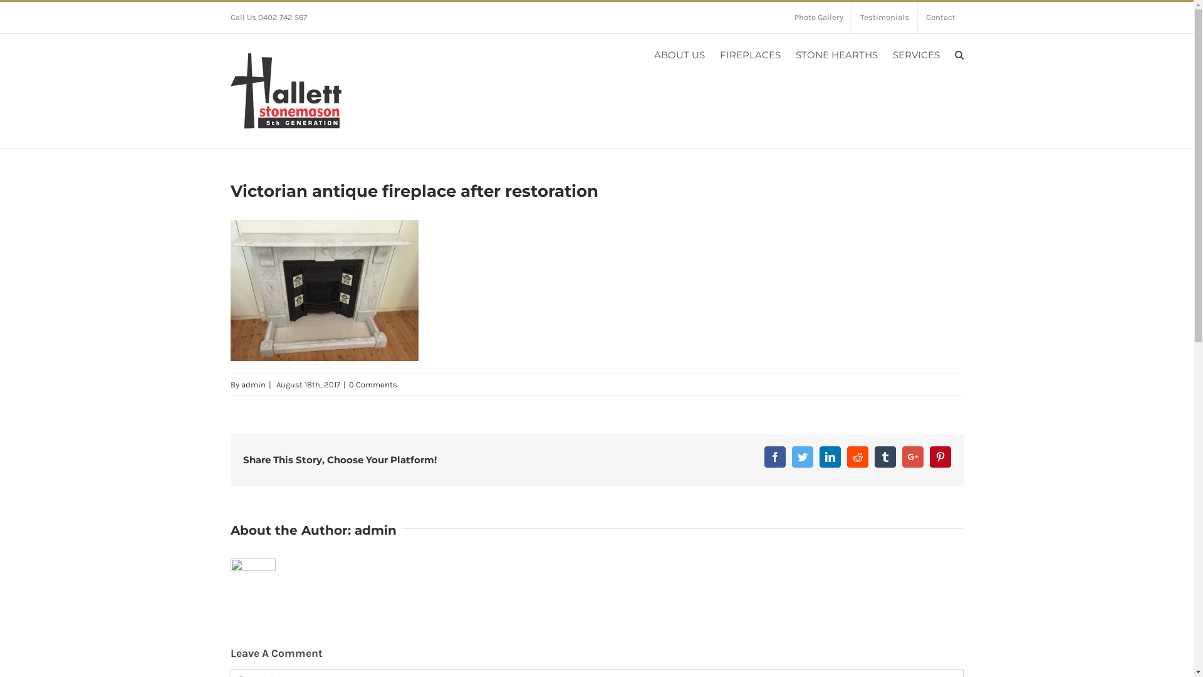  What do you see at coordinates (372, 384) in the screenshot?
I see `'0 Comments'` at bounding box center [372, 384].